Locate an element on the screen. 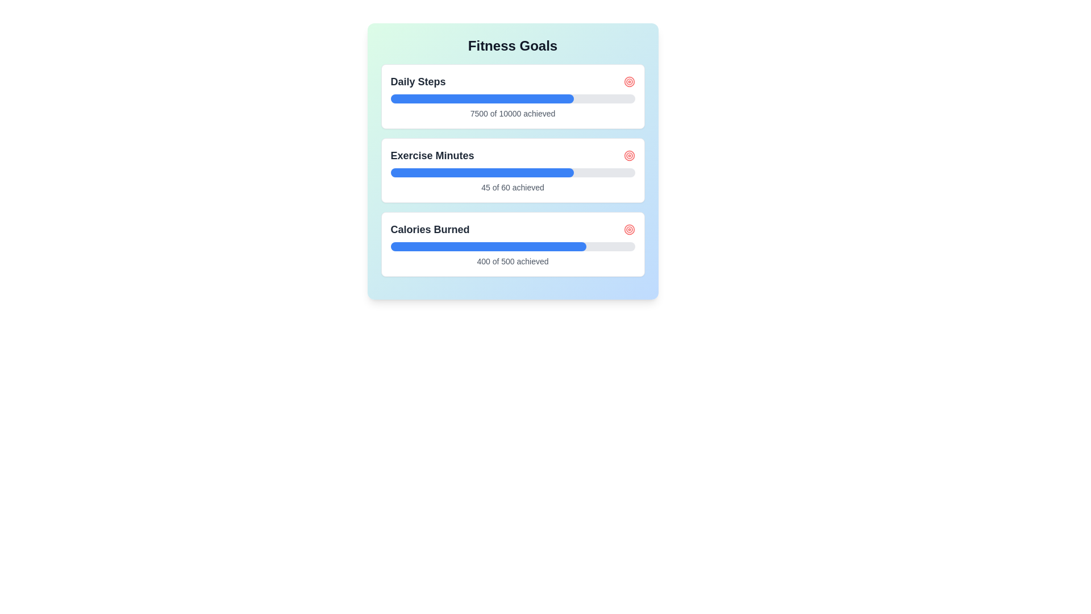 Image resolution: width=1091 pixels, height=614 pixels. the horizontal progress bar with rounded corners located in the 'Calories Burned' card, indicating 80% progress is located at coordinates (512, 246).